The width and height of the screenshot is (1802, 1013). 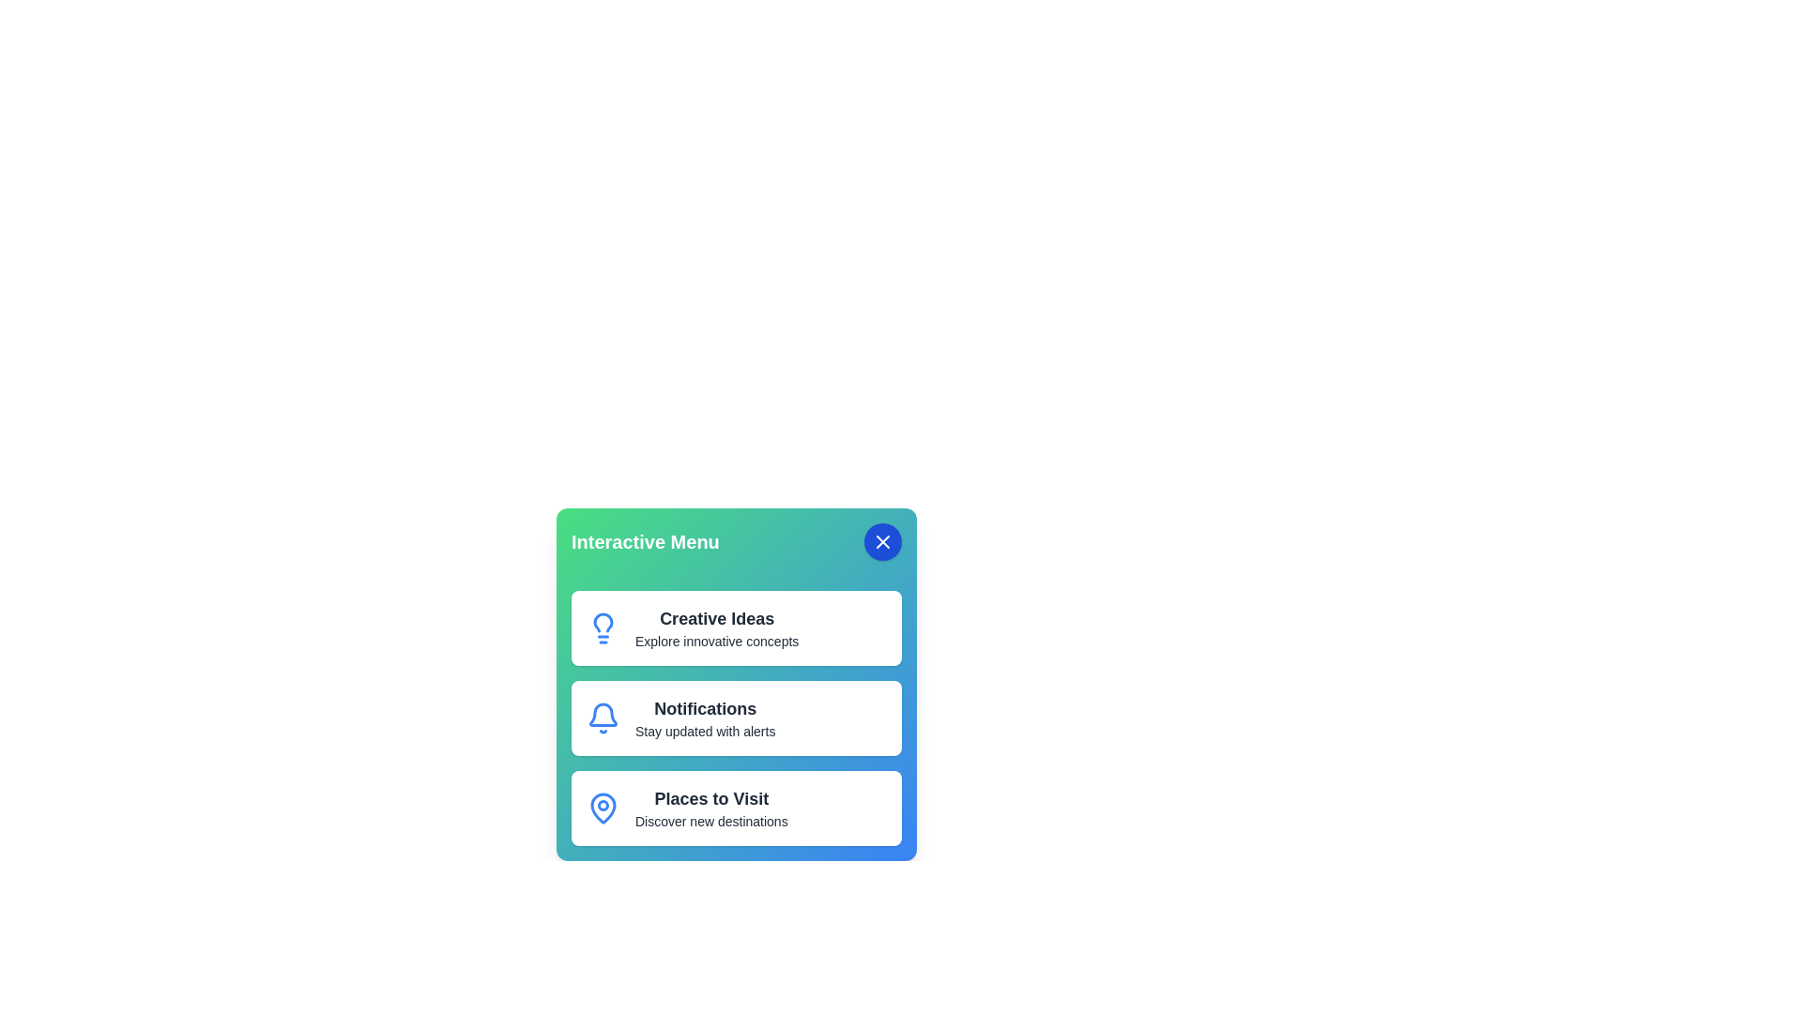 I want to click on the menu item corresponding to Places to Visit, so click(x=736, y=807).